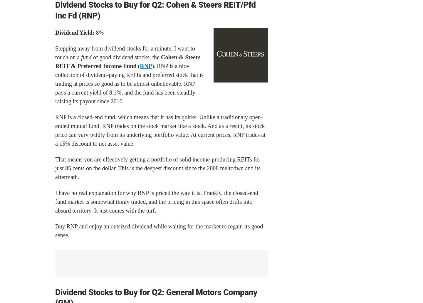 The image size is (423, 303). I want to click on 'Stepping away from dividend stocks for a minute, I want to touch on a', so click(125, 52).